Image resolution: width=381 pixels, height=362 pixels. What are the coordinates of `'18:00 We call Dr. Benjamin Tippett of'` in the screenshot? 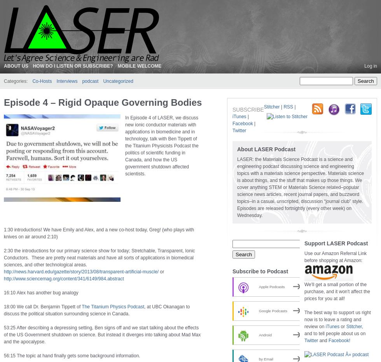 It's located at (3, 307).